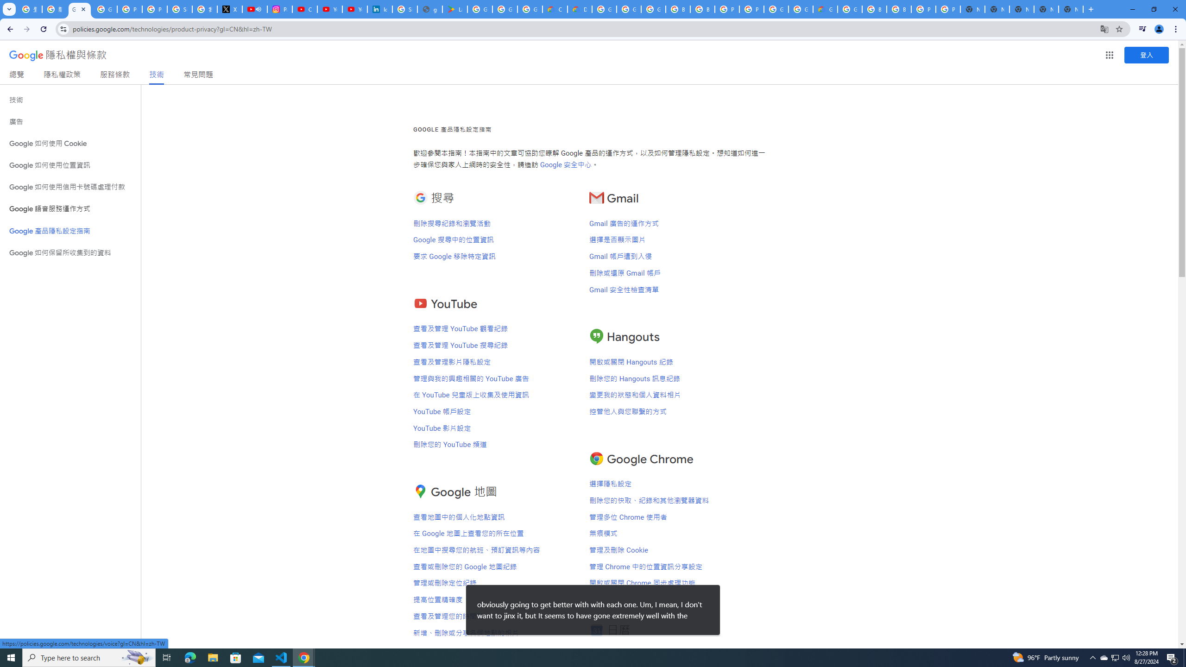 Image resolution: width=1186 pixels, height=667 pixels. I want to click on 'Translate this page', so click(1104, 28).